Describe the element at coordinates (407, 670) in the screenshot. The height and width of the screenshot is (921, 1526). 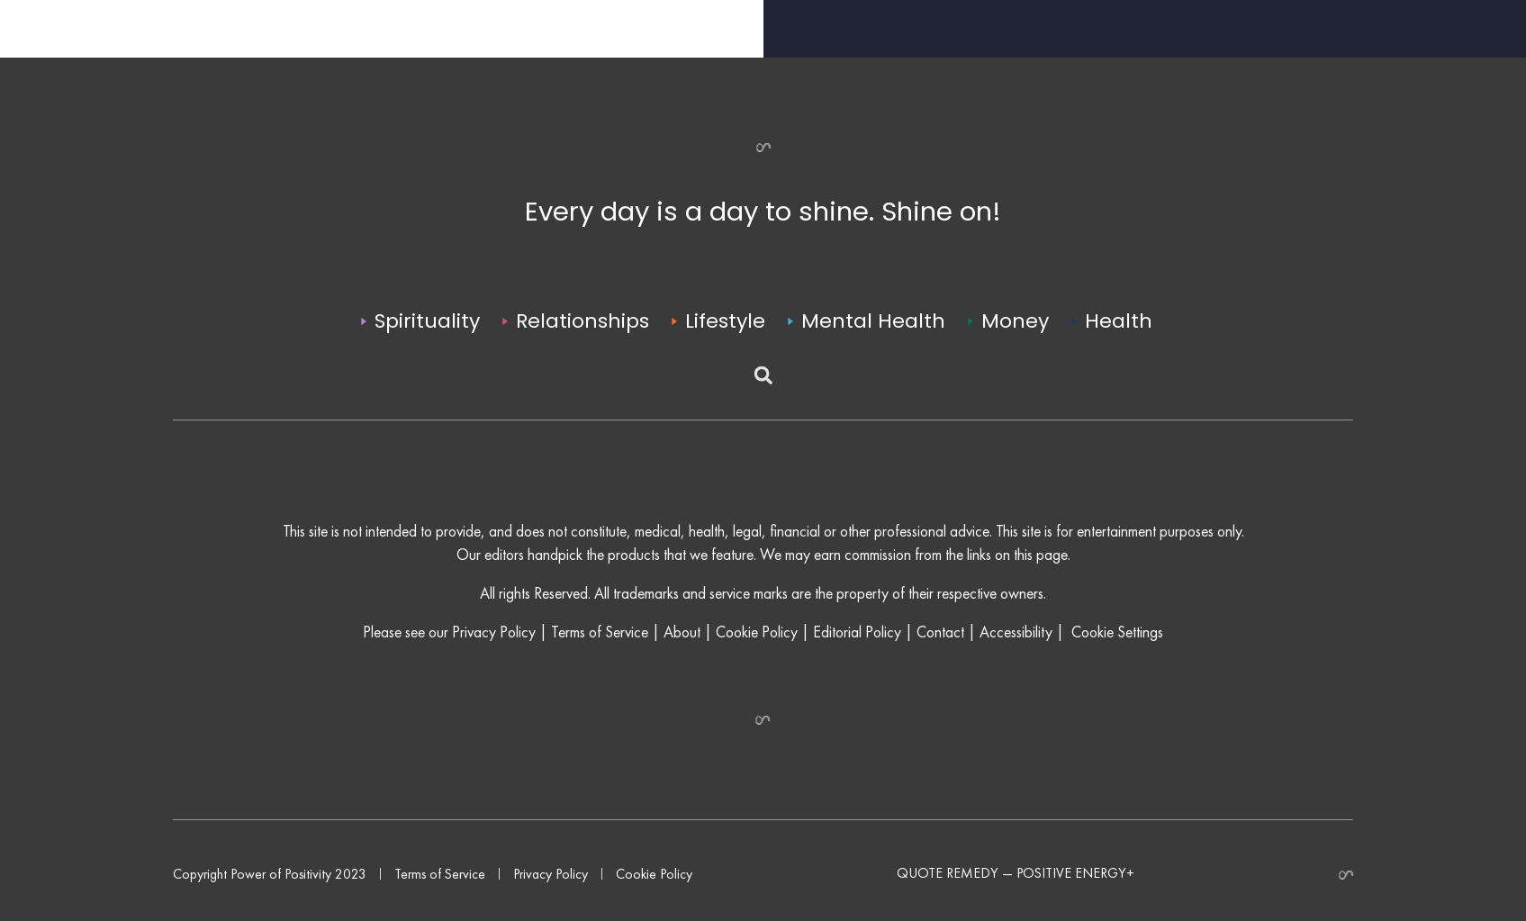
I see `'Please see our'` at that location.